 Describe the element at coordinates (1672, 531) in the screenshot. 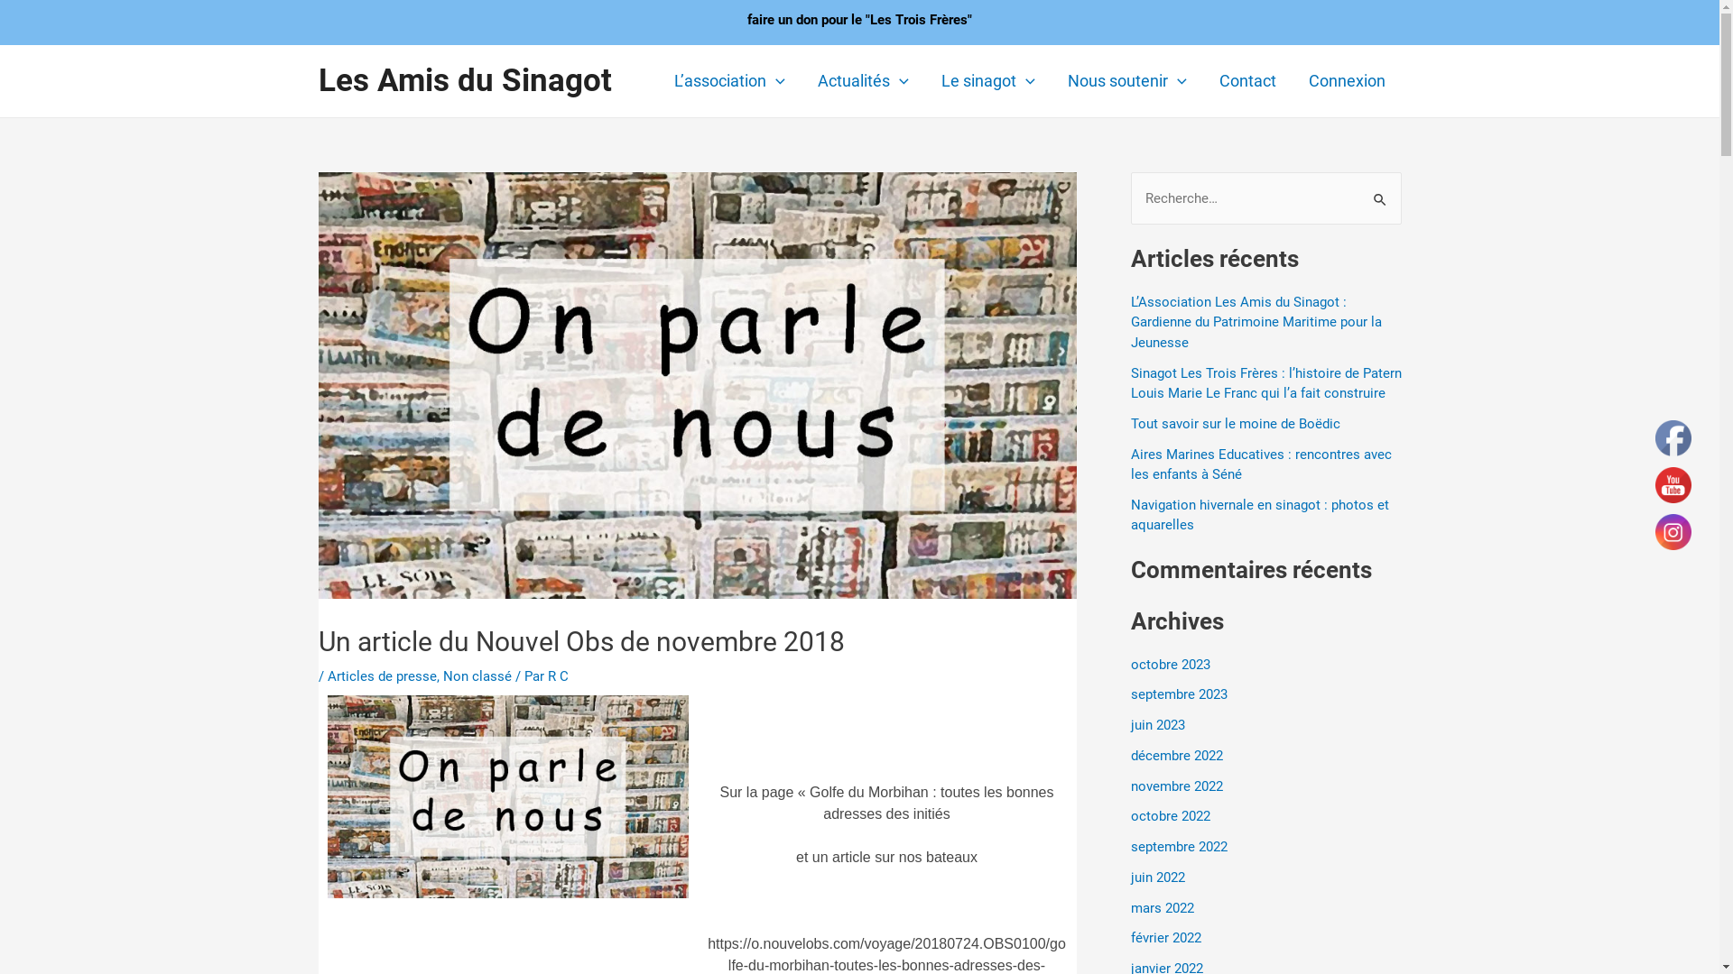

I see `'Instagram'` at that location.